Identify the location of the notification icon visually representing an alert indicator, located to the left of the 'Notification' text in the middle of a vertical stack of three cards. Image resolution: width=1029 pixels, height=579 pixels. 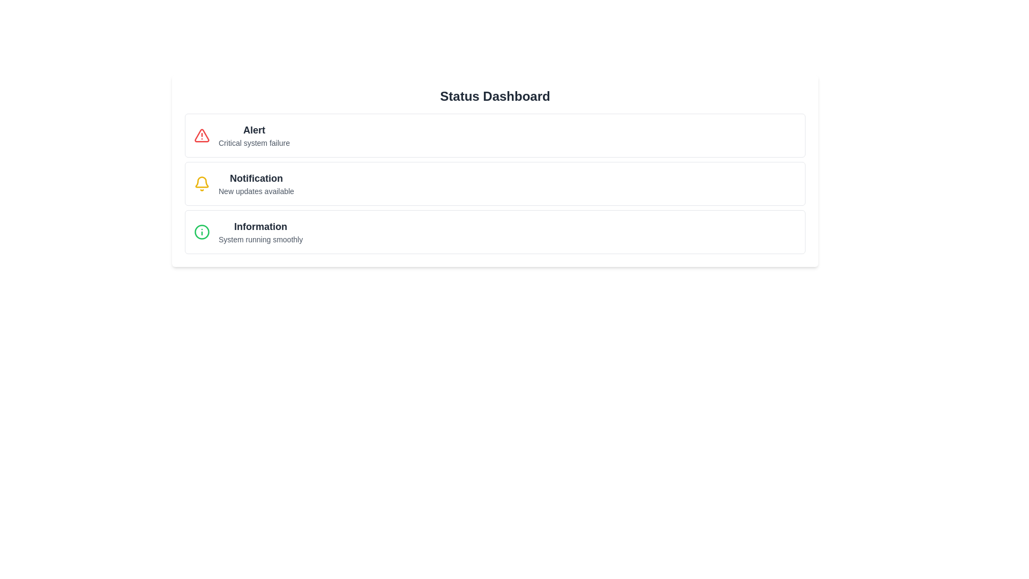
(202, 181).